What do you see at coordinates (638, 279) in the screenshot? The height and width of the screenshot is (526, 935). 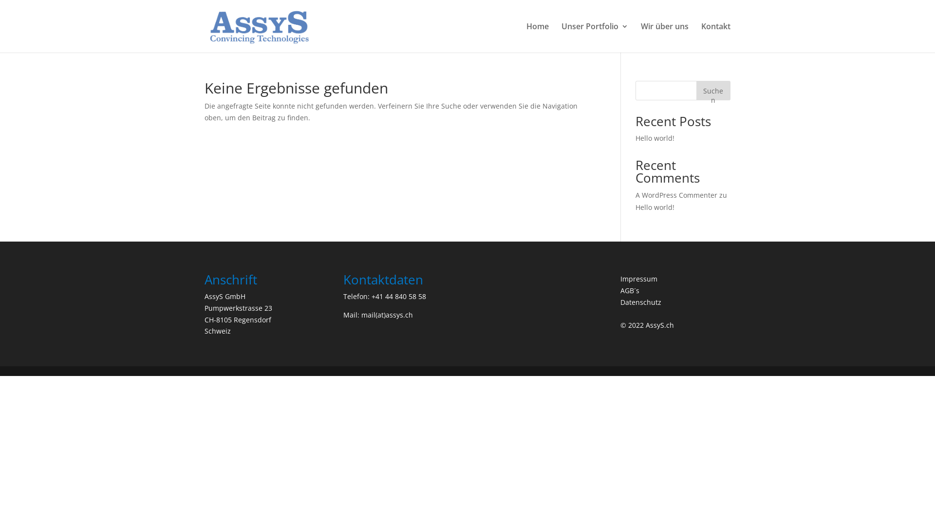 I see `'Impressum'` at bounding box center [638, 279].